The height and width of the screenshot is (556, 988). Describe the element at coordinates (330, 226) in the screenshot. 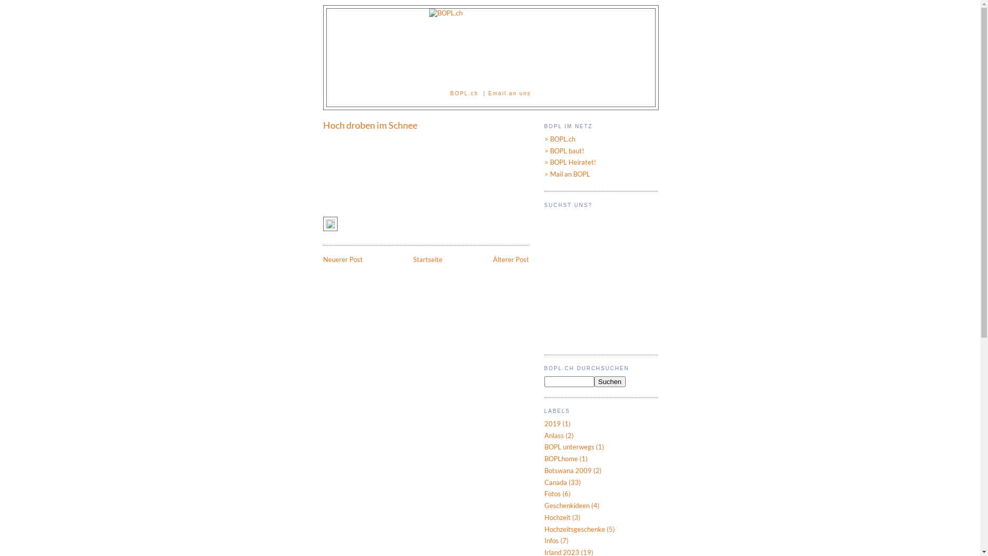

I see `'Post bearbeiten'` at that location.